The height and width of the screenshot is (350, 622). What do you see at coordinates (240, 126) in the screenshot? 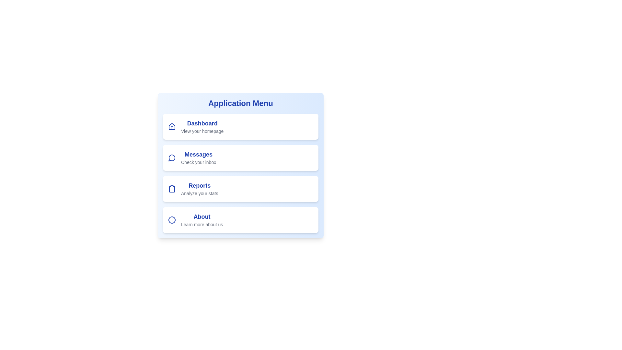
I see `the menu item Dashboard to navigate` at bounding box center [240, 126].